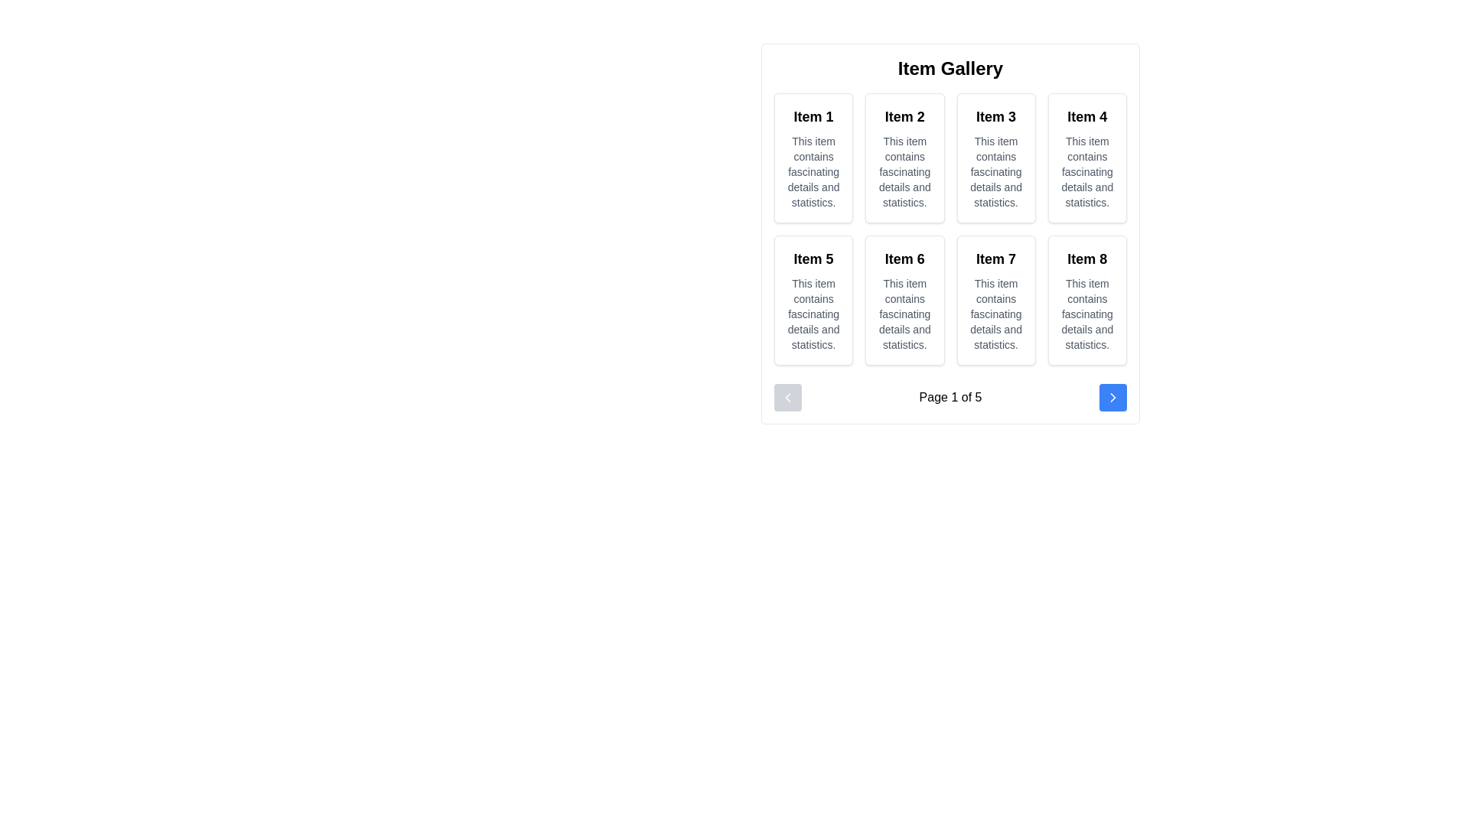  I want to click on contents of the Informational Card titled 'Item 8' located in the bottom-right corner of the grid, which contains a bold title and a gray description, so click(1086, 301).